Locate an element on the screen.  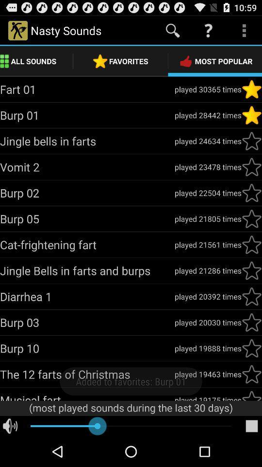
to favorites is located at coordinates (251, 141).